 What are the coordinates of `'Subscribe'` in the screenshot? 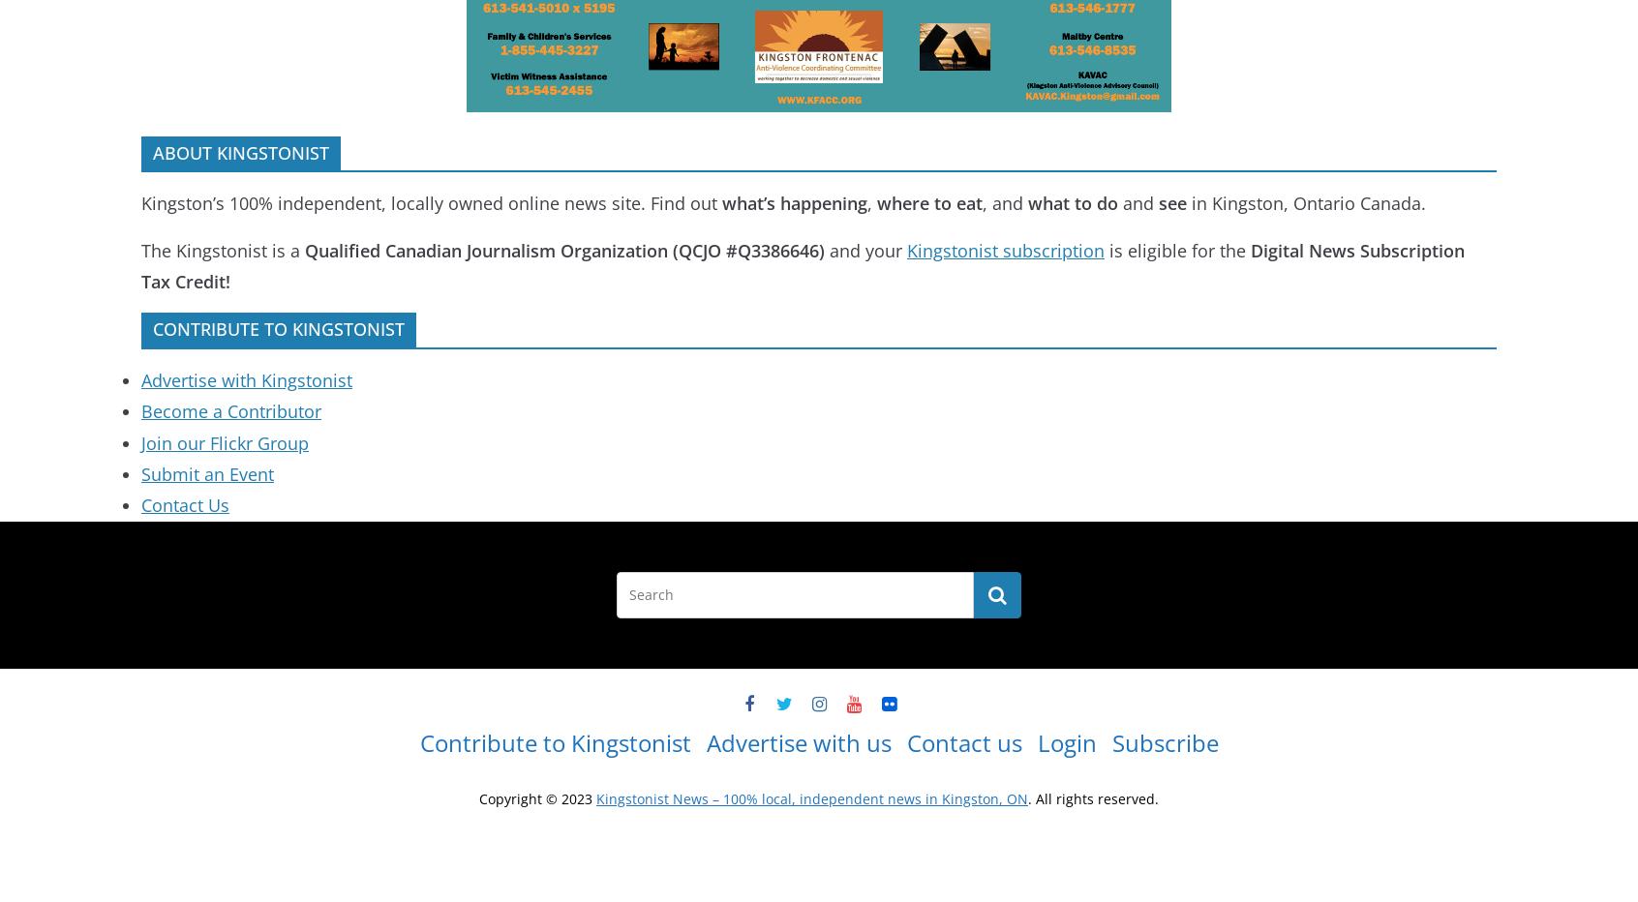 It's located at (1165, 742).